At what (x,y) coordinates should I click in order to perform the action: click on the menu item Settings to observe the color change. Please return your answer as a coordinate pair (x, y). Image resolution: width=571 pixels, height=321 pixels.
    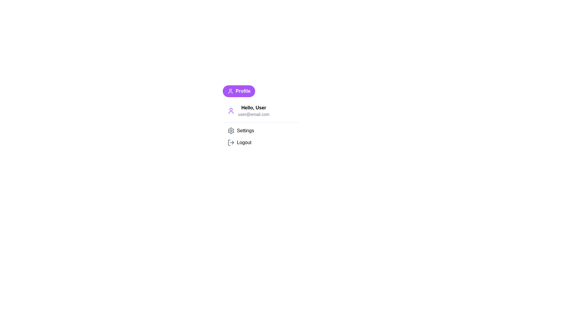
    Looking at the image, I should click on (260, 130).